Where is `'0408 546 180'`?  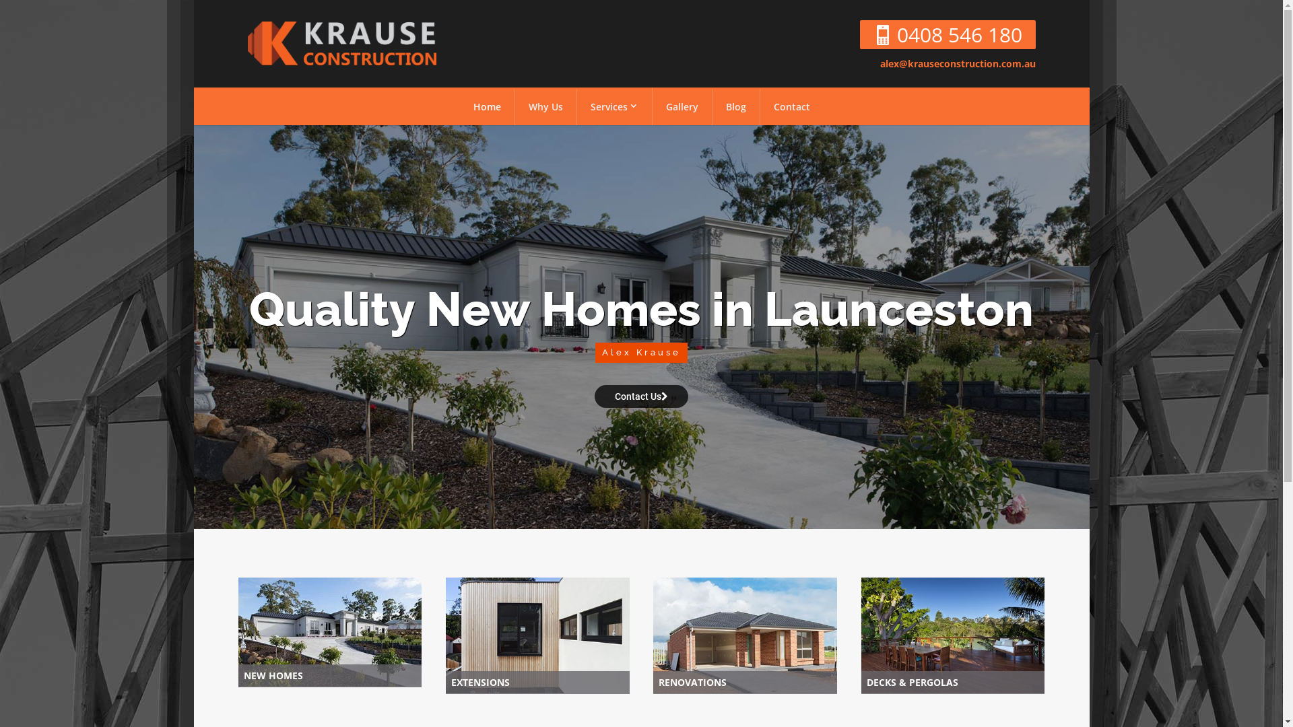 '0408 546 180' is located at coordinates (896, 34).